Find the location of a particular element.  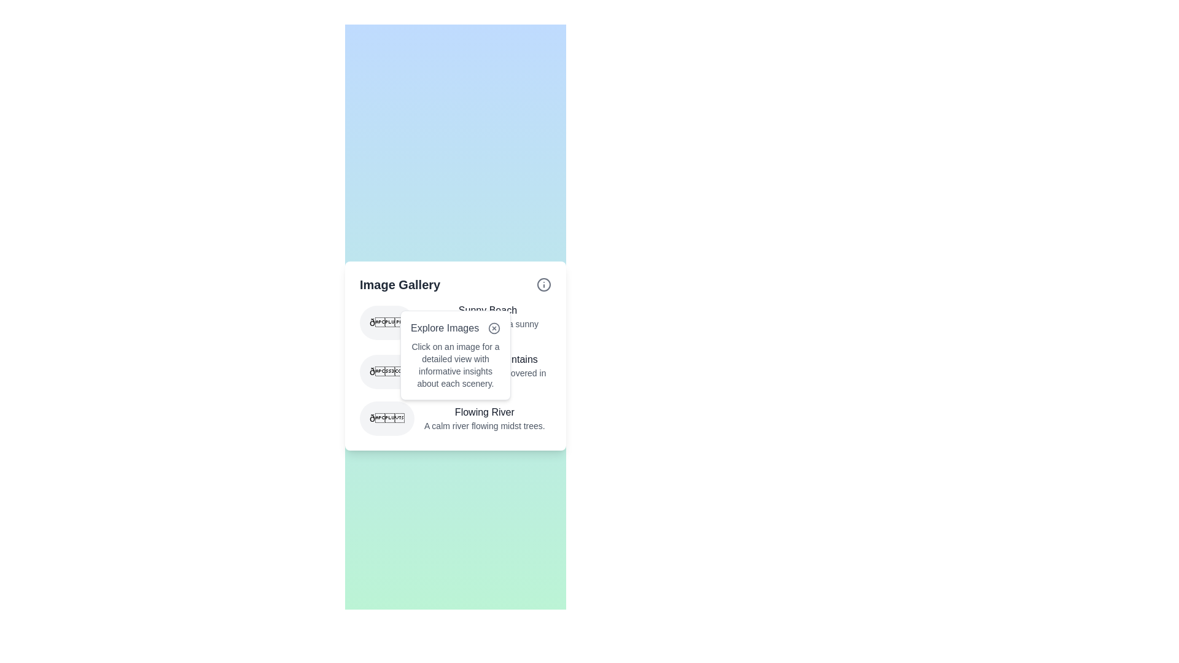

the text label displaying 'A serene scene of a sunny beach.' located below the 'Sunny Beach' header is located at coordinates (487, 329).